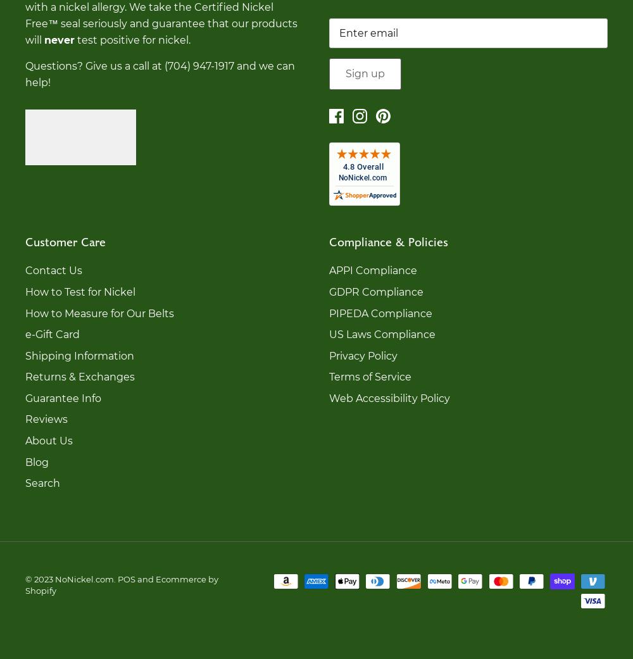  Describe the element at coordinates (375, 291) in the screenshot. I see `'GDPR Compliance'` at that location.